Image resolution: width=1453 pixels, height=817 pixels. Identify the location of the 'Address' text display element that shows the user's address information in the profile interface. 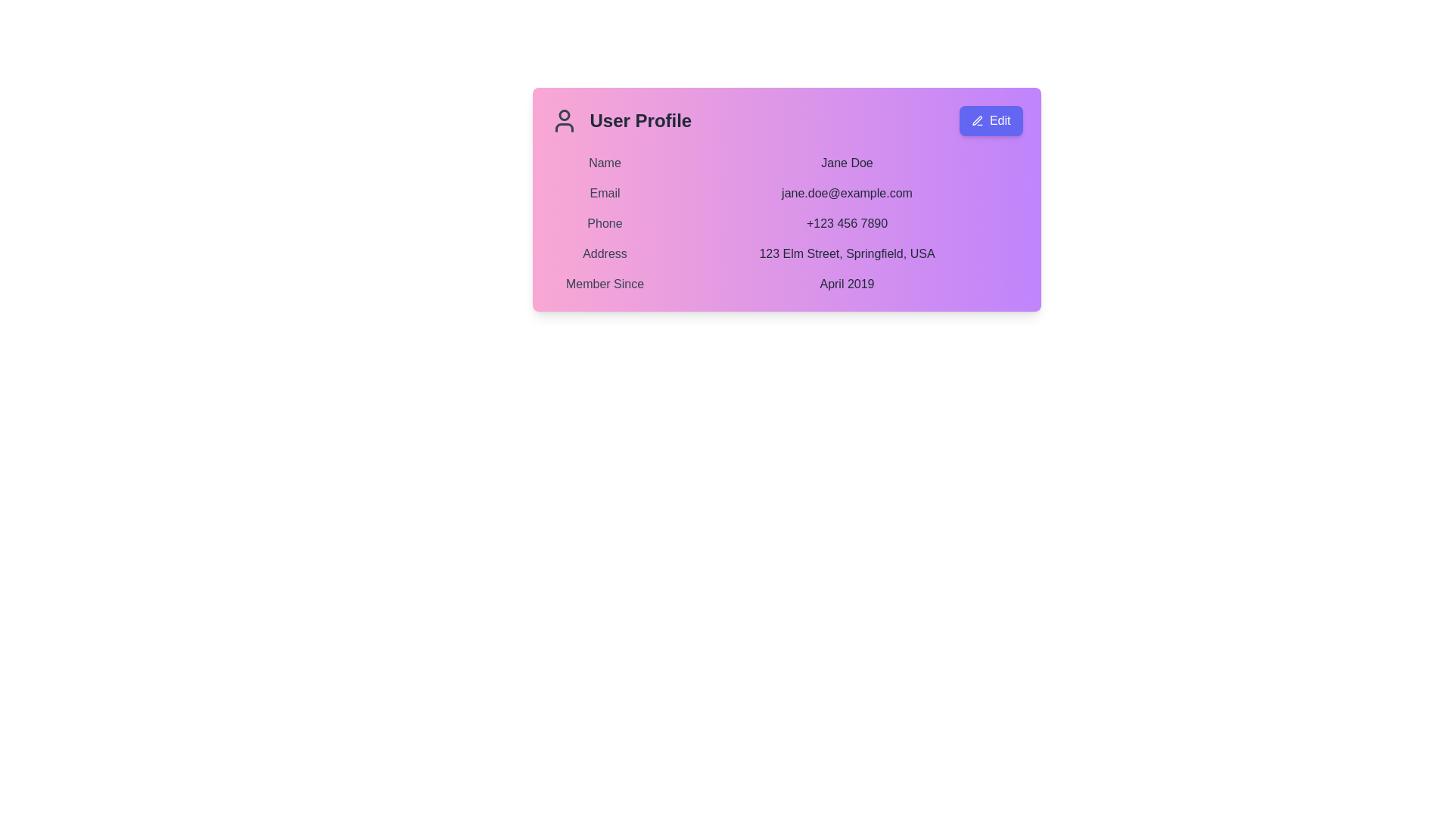
(786, 253).